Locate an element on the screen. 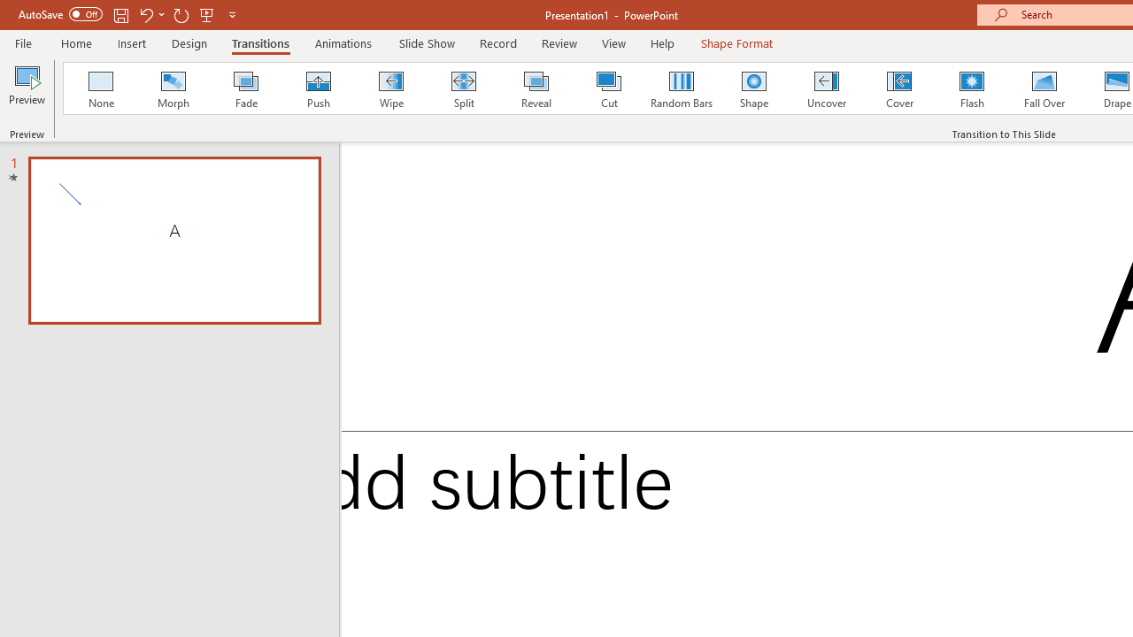 Image resolution: width=1133 pixels, height=637 pixels. 'Flash' is located at coordinates (971, 88).